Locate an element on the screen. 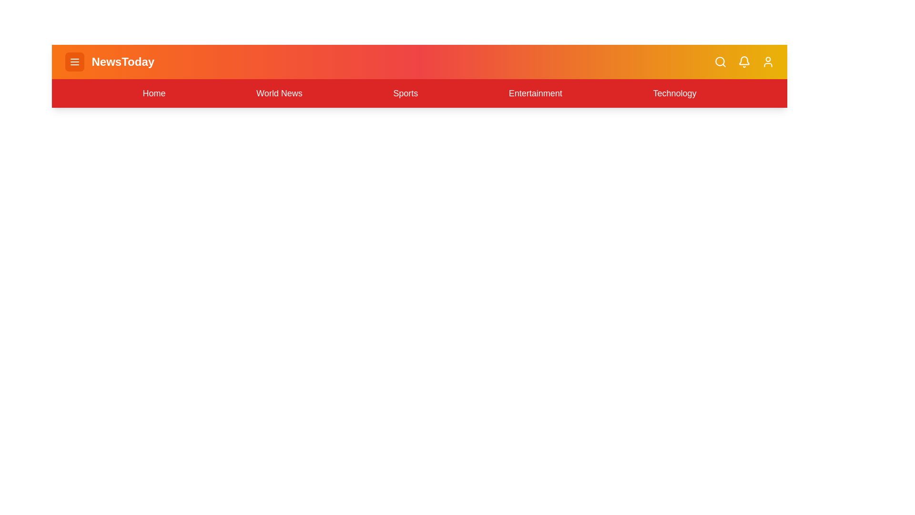  the Home navigation link in the menu is located at coordinates (154, 93).